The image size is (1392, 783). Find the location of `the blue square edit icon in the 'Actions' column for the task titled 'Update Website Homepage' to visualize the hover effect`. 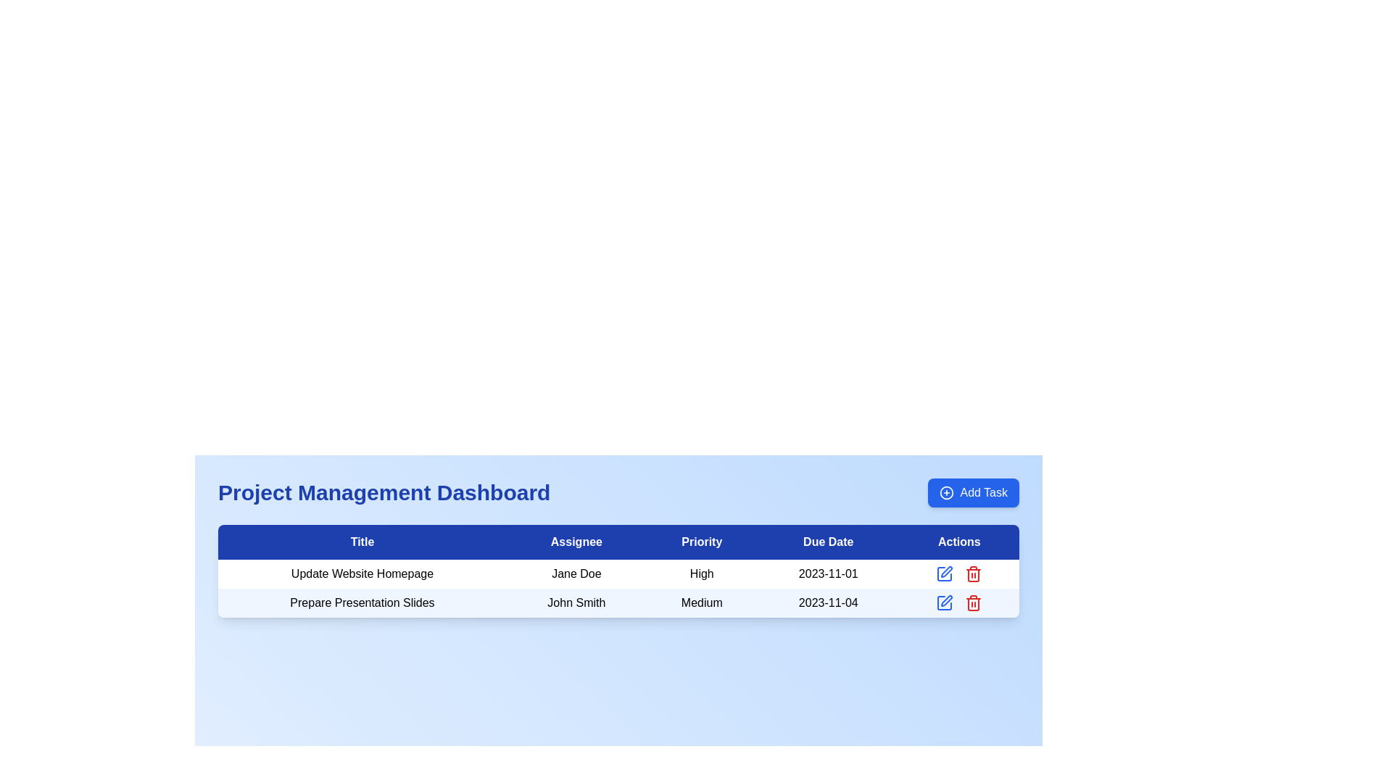

the blue square edit icon in the 'Actions' column for the task titled 'Update Website Homepage' to visualize the hover effect is located at coordinates (945, 573).